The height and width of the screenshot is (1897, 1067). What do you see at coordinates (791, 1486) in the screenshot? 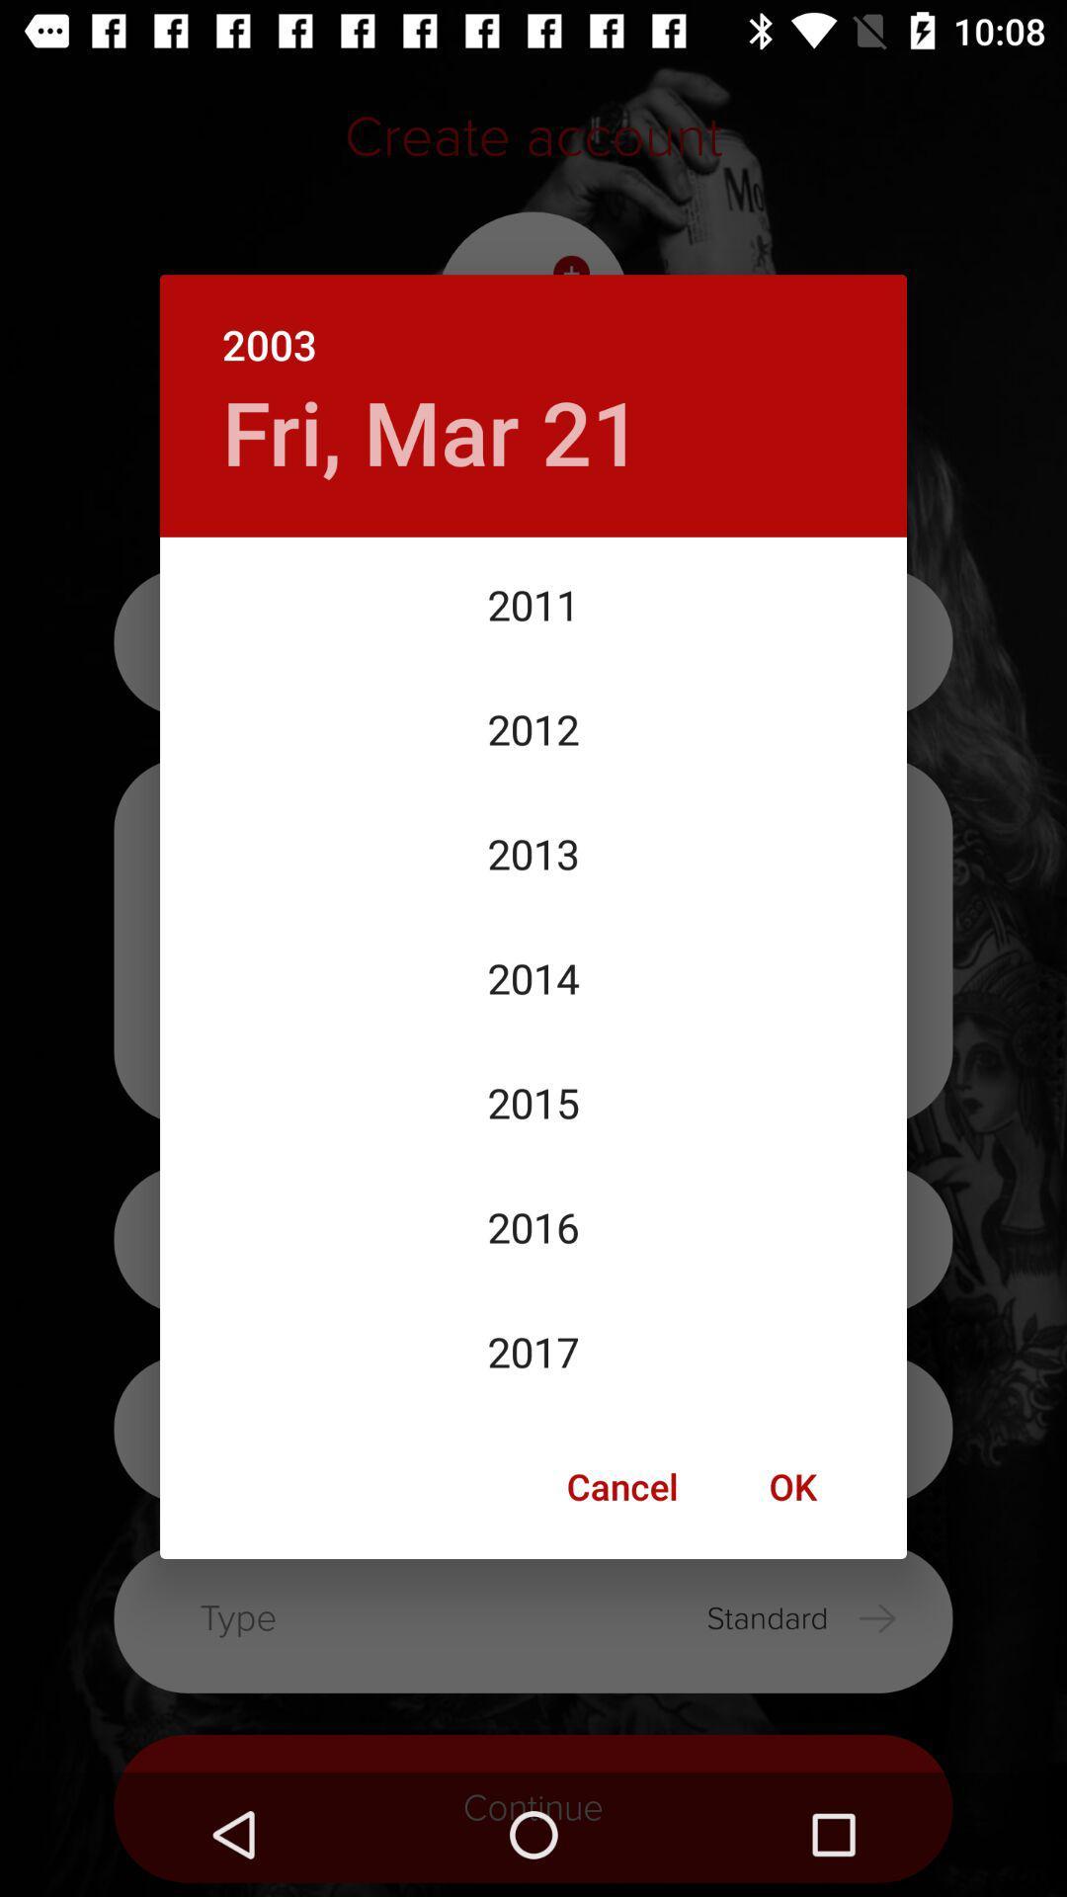
I see `ok` at bounding box center [791, 1486].